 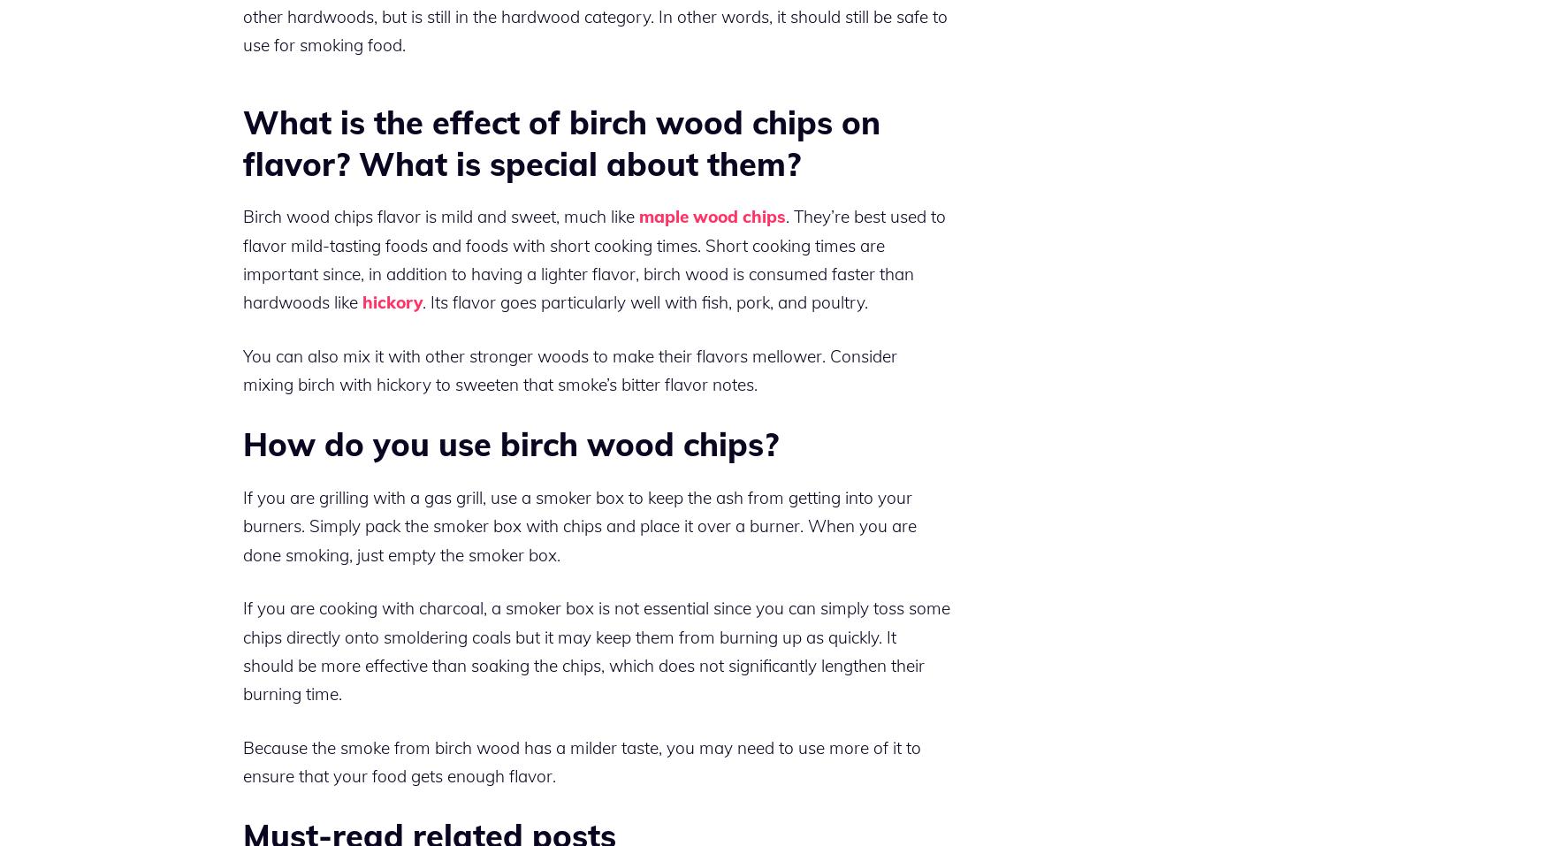 What do you see at coordinates (511, 444) in the screenshot?
I see `'How do you use birch wood chips?'` at bounding box center [511, 444].